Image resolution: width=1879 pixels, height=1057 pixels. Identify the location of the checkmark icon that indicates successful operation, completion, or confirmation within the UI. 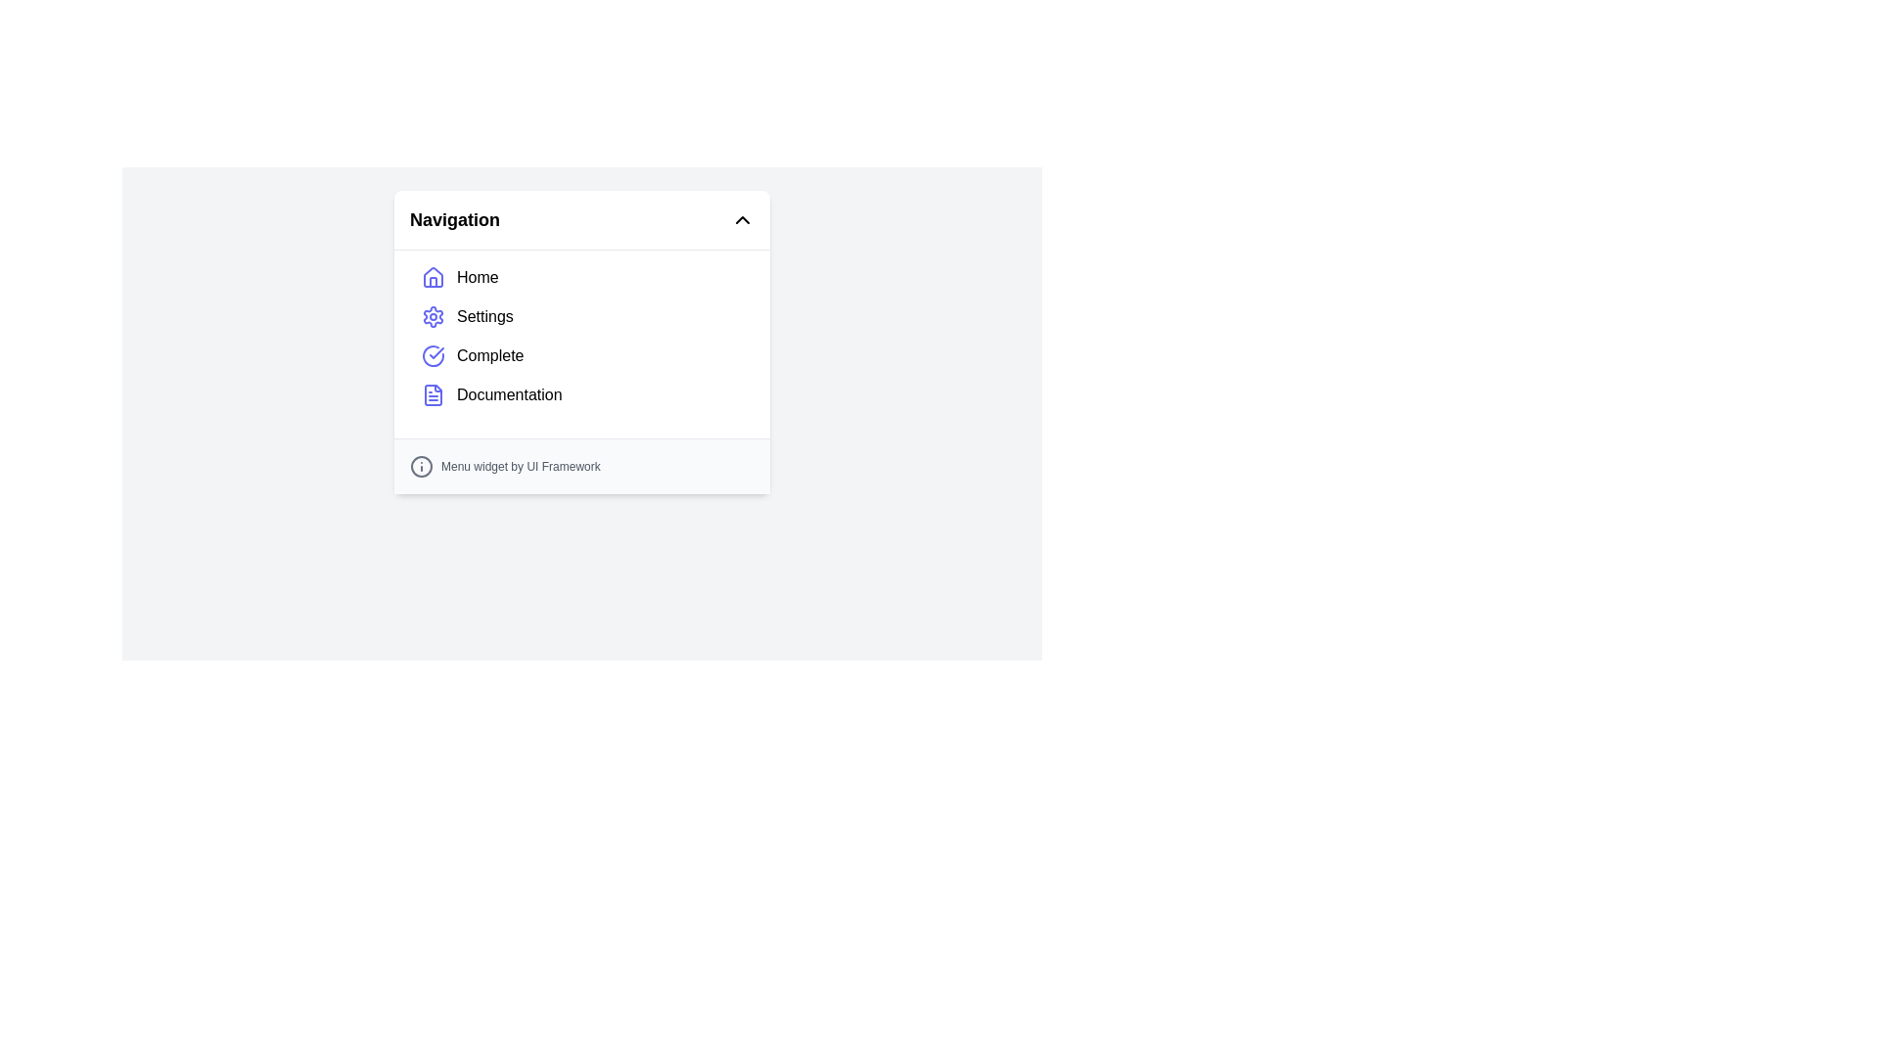
(435, 353).